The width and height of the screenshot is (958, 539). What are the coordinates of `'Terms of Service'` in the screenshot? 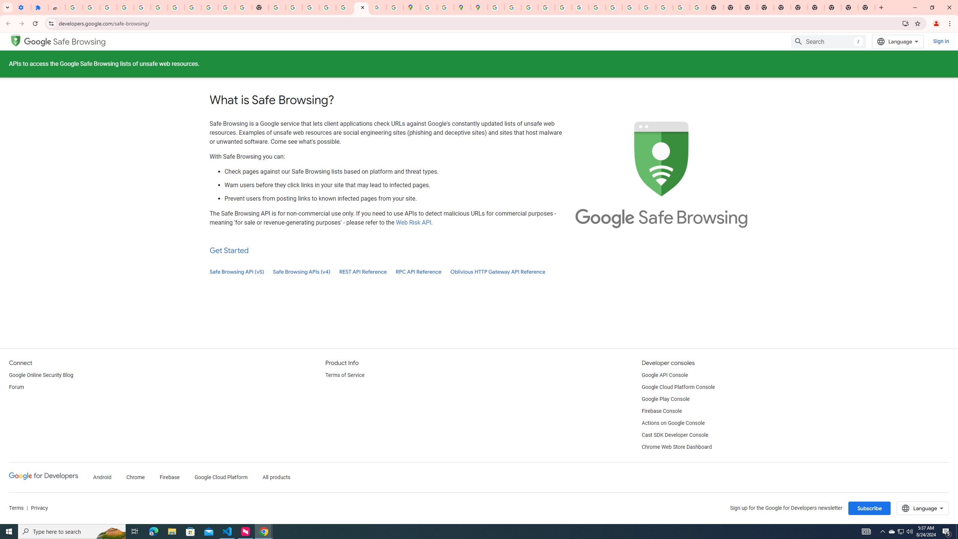 It's located at (344, 375).